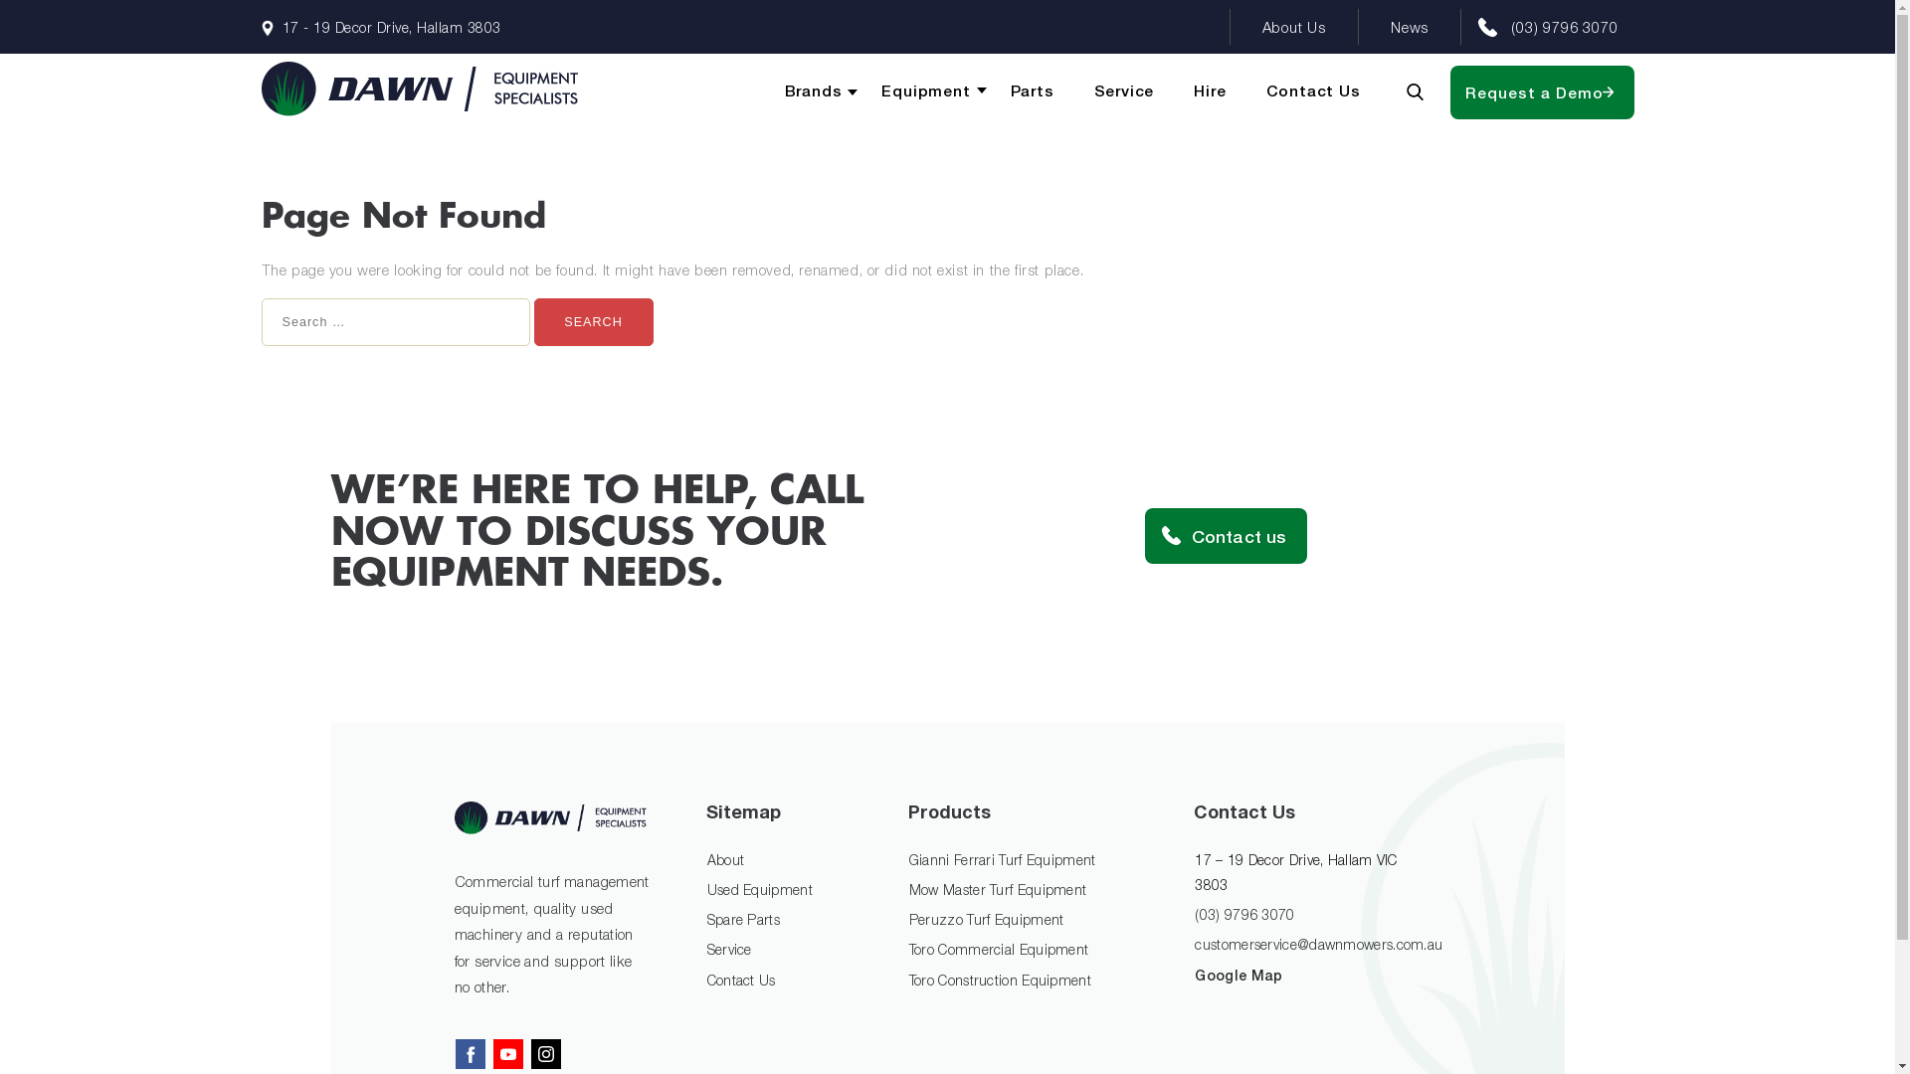 Image resolution: width=1910 pixels, height=1074 pixels. What do you see at coordinates (813, 91) in the screenshot?
I see `'Brands'` at bounding box center [813, 91].